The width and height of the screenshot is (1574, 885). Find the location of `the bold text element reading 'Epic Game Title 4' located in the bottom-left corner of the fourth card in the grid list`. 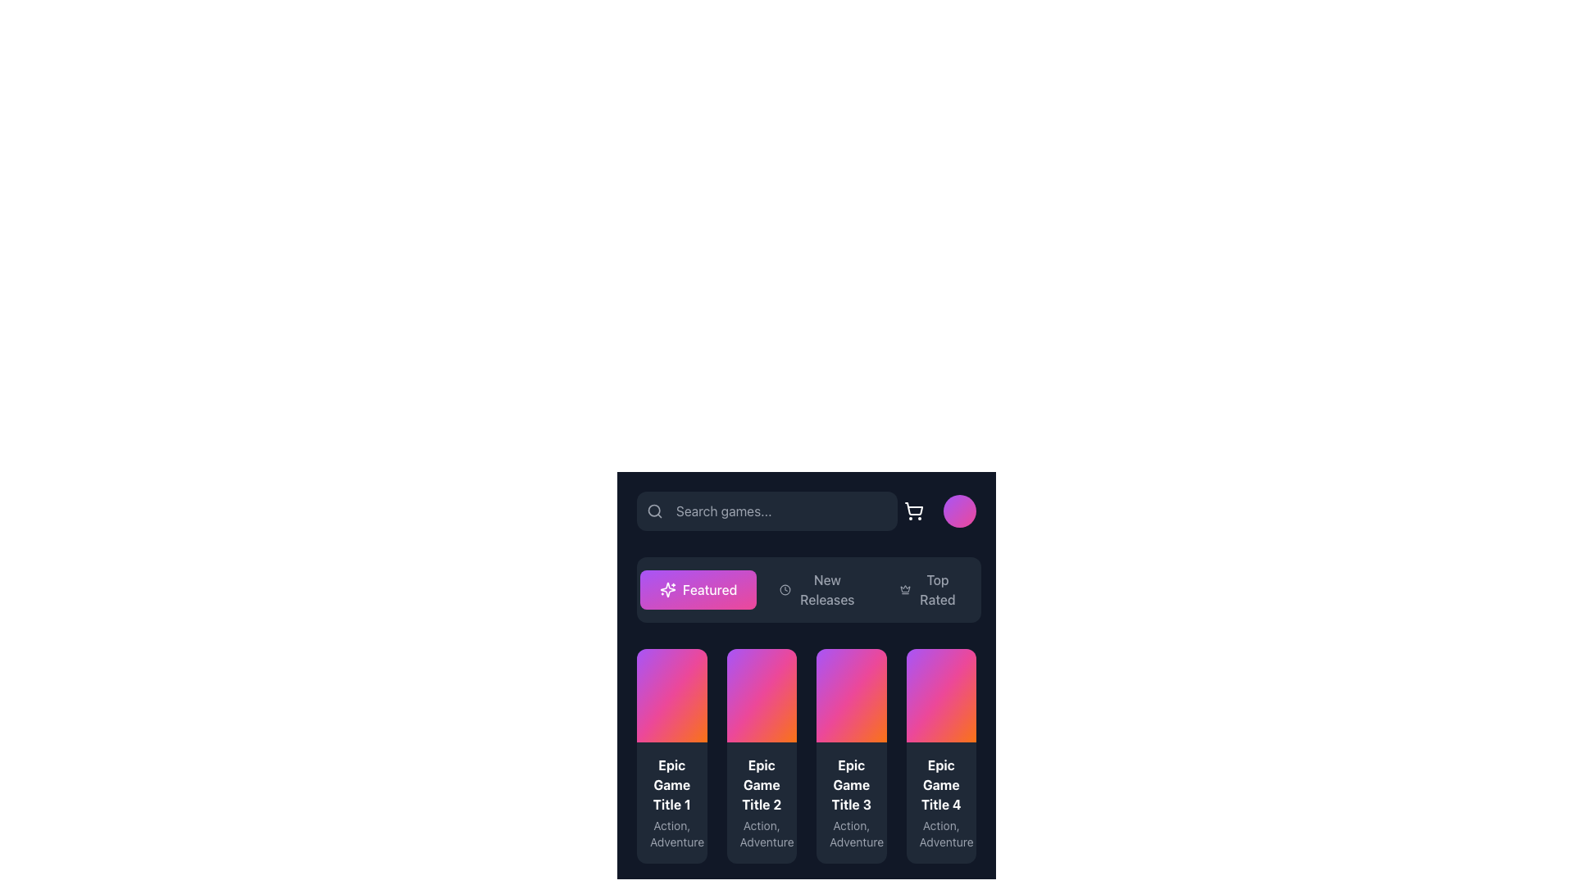

the bold text element reading 'Epic Game Title 4' located in the bottom-left corner of the fourth card in the grid list is located at coordinates (941, 783).